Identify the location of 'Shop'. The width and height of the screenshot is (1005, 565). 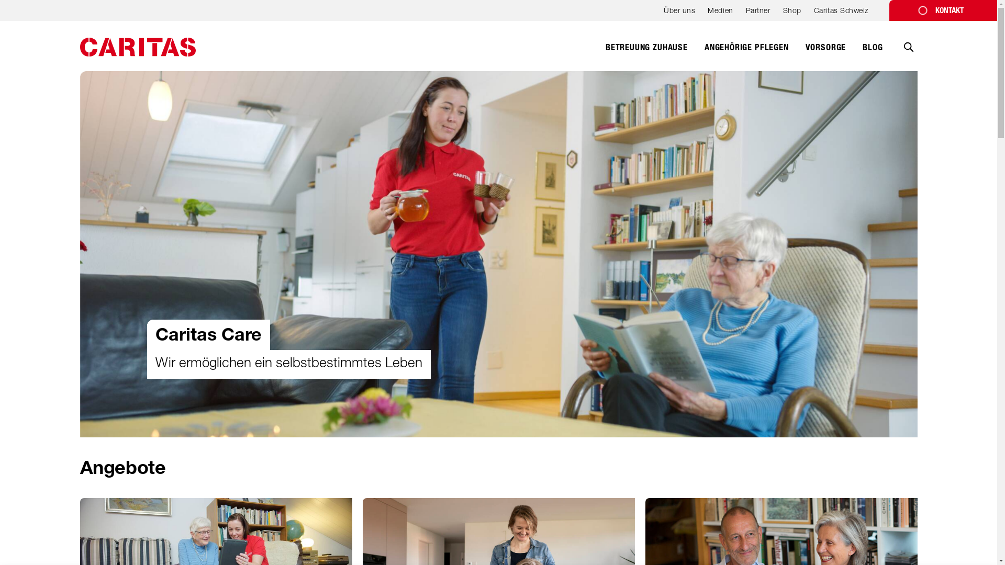
(783, 14).